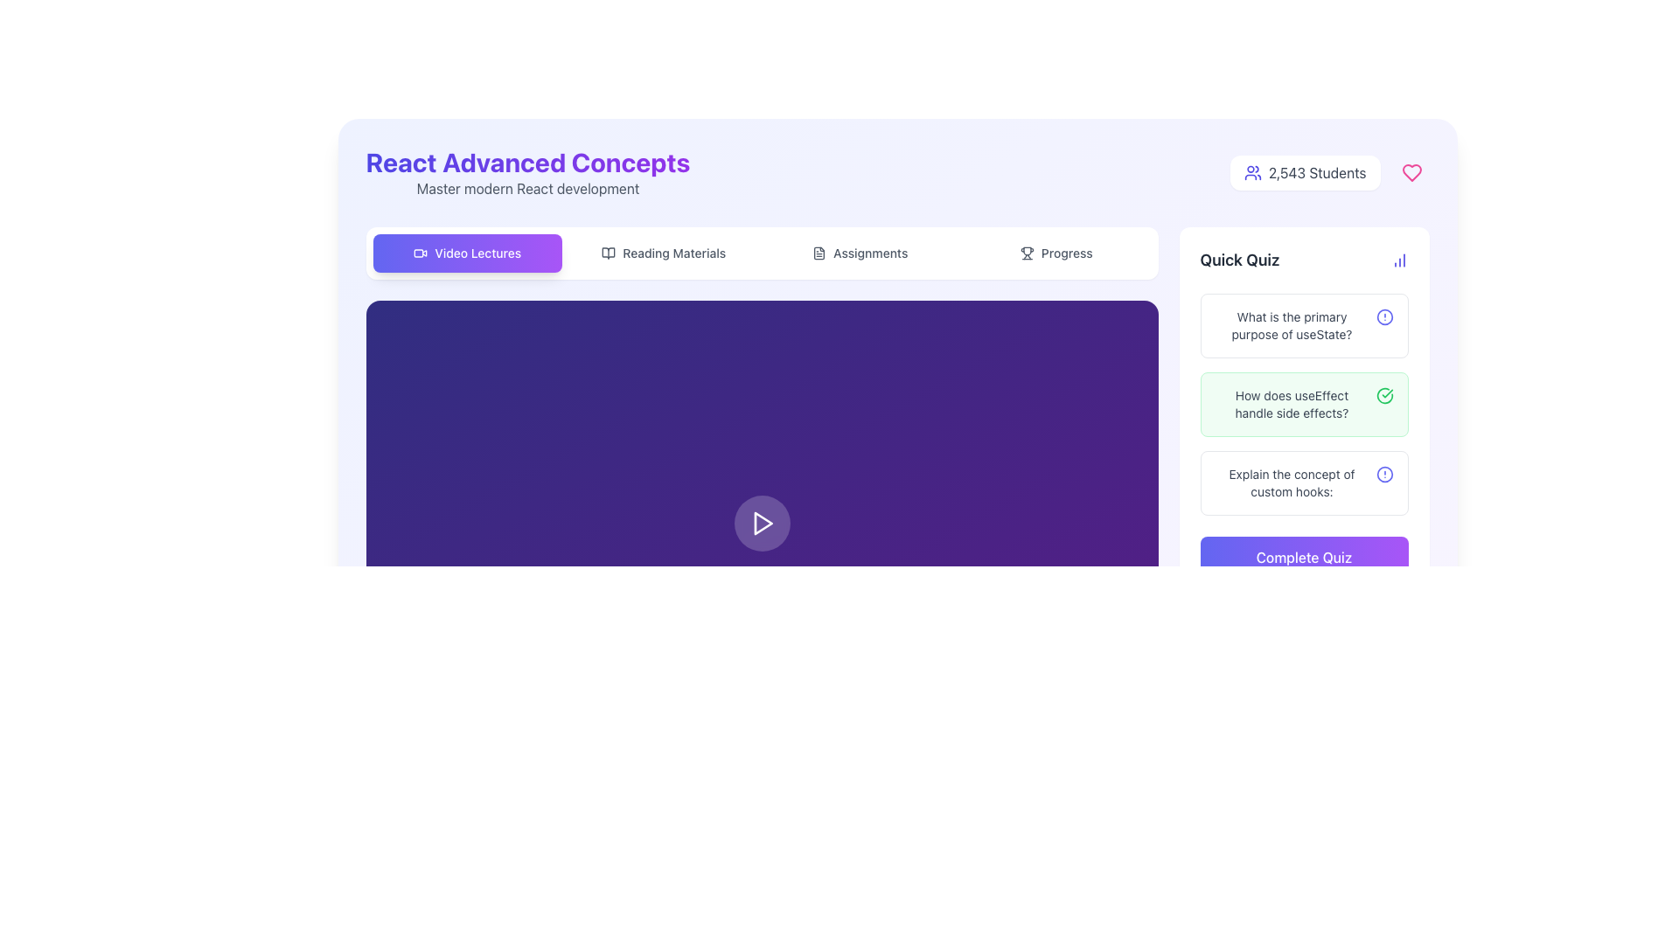  Describe the element at coordinates (1055, 253) in the screenshot. I see `the 'Progress' button, which displays the text 'Progress' with a trophy icon, to trigger the background color change` at that location.